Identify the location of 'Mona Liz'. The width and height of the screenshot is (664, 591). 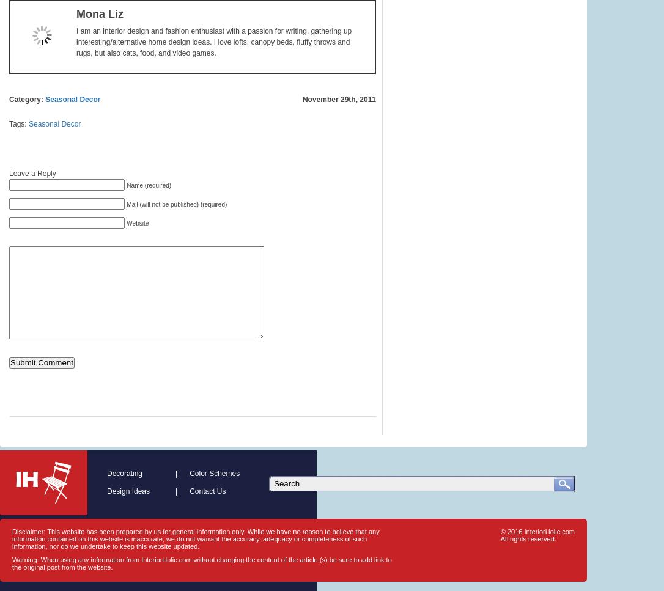
(99, 14).